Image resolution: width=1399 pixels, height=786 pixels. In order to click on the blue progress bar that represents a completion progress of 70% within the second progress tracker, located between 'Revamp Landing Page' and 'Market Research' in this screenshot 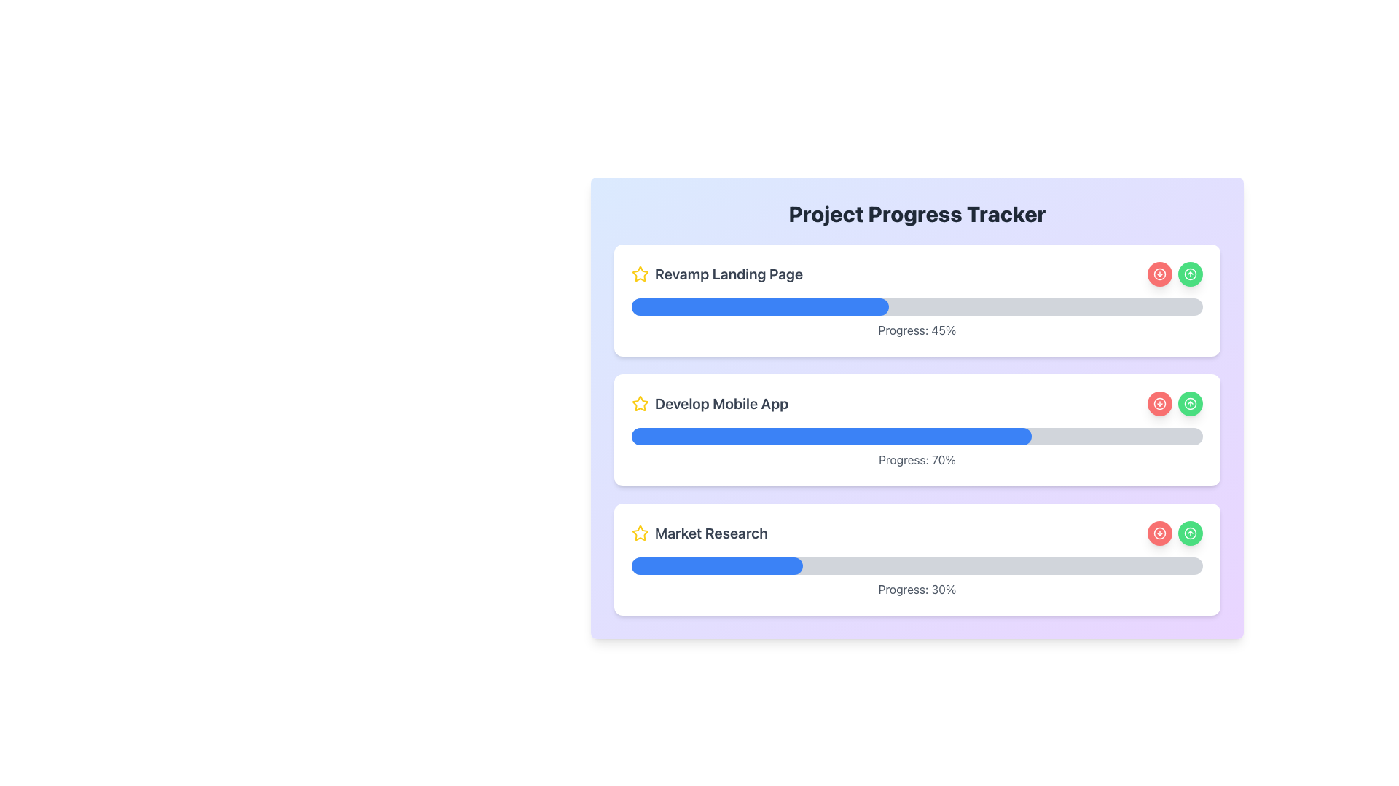, I will do `click(831, 436)`.